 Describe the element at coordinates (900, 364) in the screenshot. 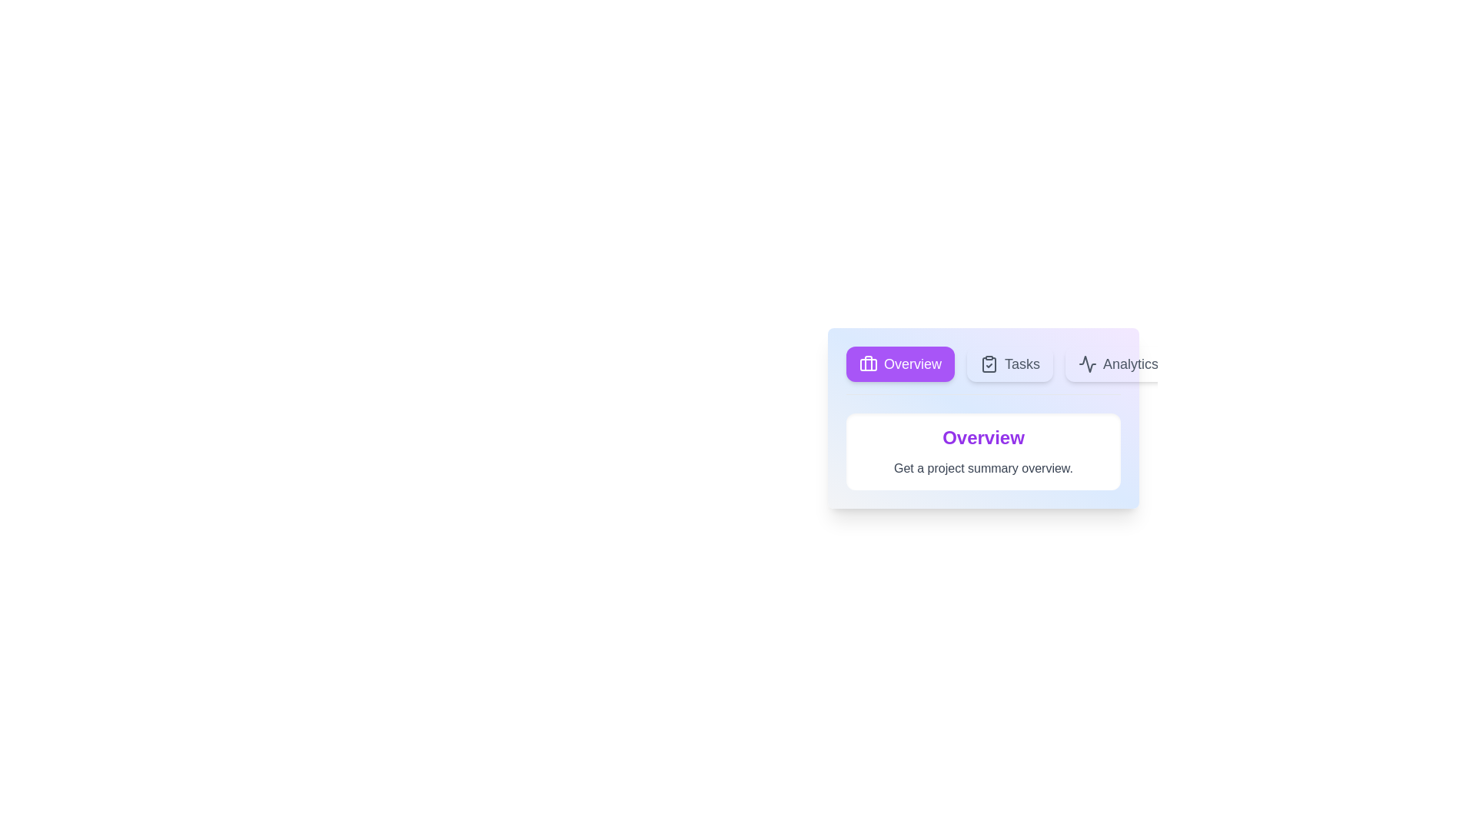

I see `the tab labeled Overview to observe its hover effect` at that location.